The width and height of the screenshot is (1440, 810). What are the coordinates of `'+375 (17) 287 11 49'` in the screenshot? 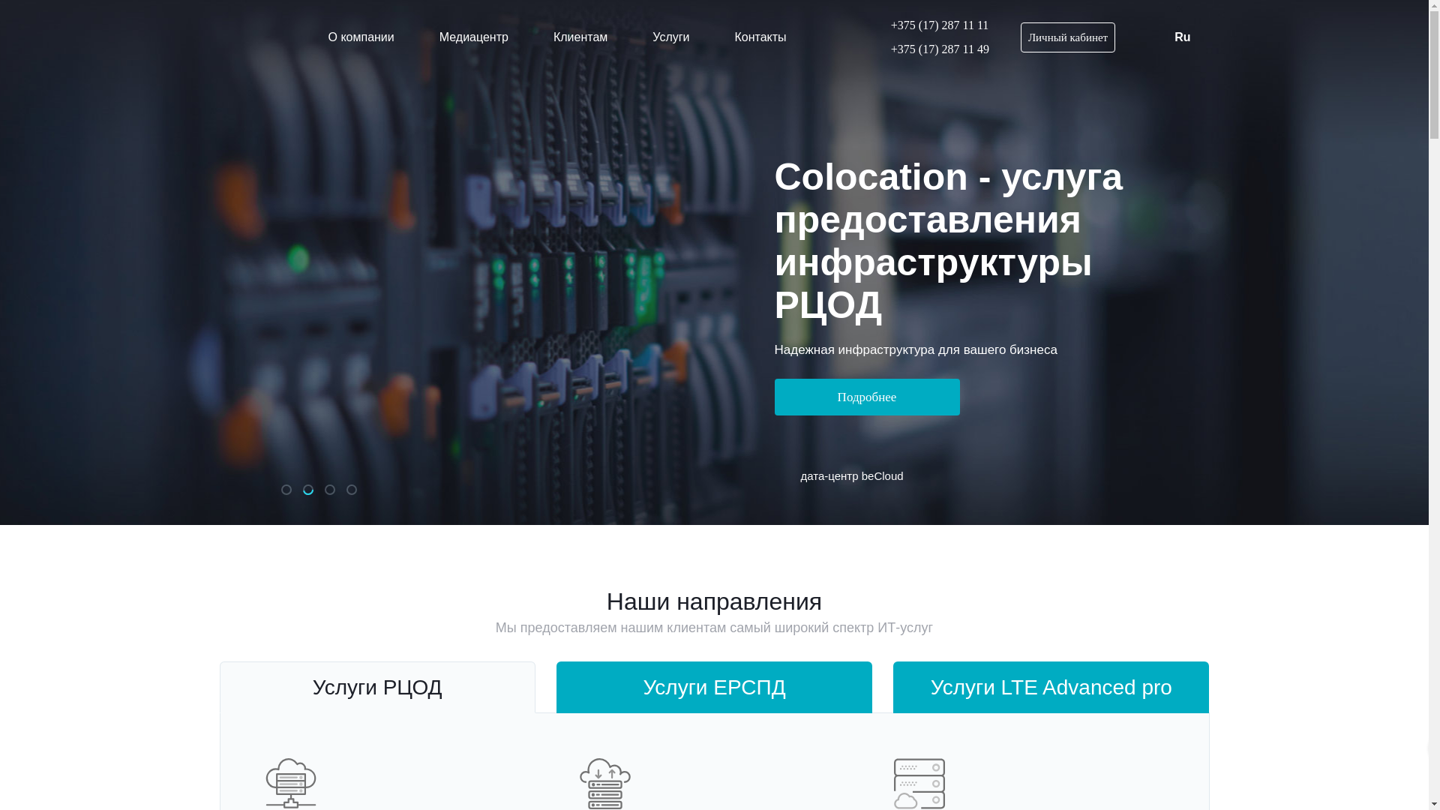 It's located at (931, 48).